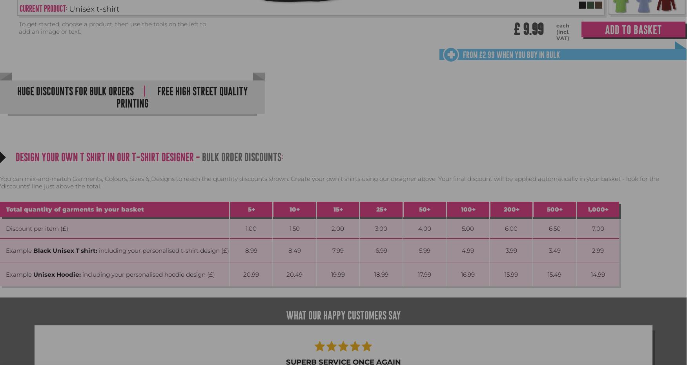 The image size is (687, 365). Describe the element at coordinates (18, 27) in the screenshot. I see `'To get started, choose a product, then use the tools on the left to add an image or text.'` at that location.